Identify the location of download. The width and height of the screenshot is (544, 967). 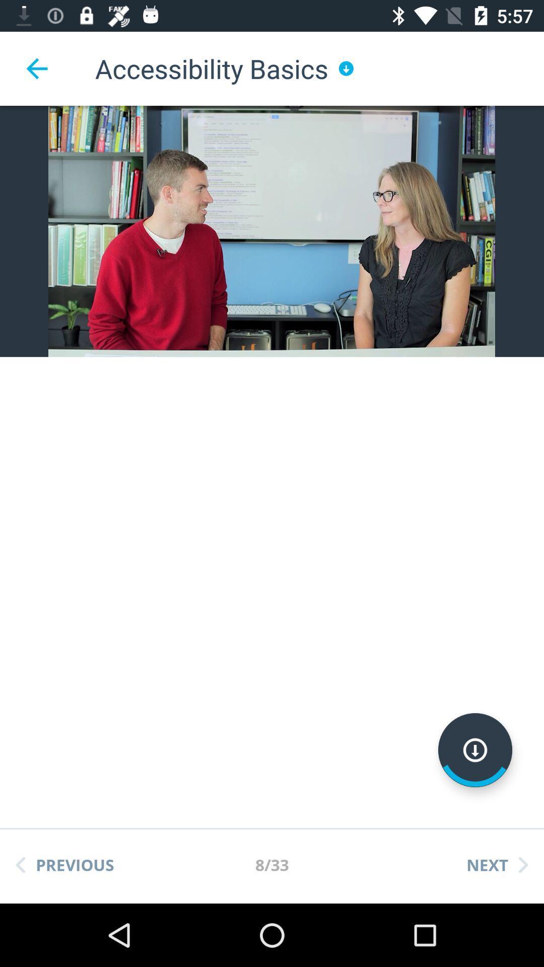
(475, 750).